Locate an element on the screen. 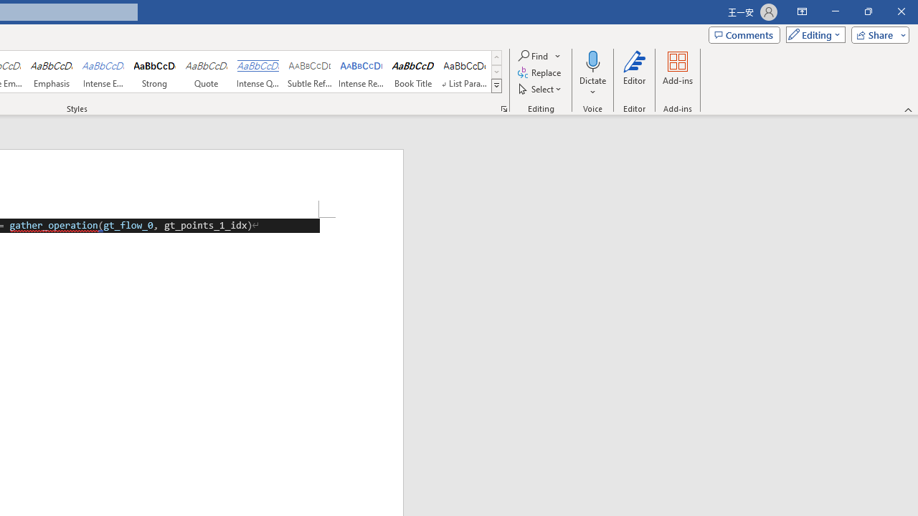 Image resolution: width=918 pixels, height=516 pixels. 'Replace...' is located at coordinates (539, 72).